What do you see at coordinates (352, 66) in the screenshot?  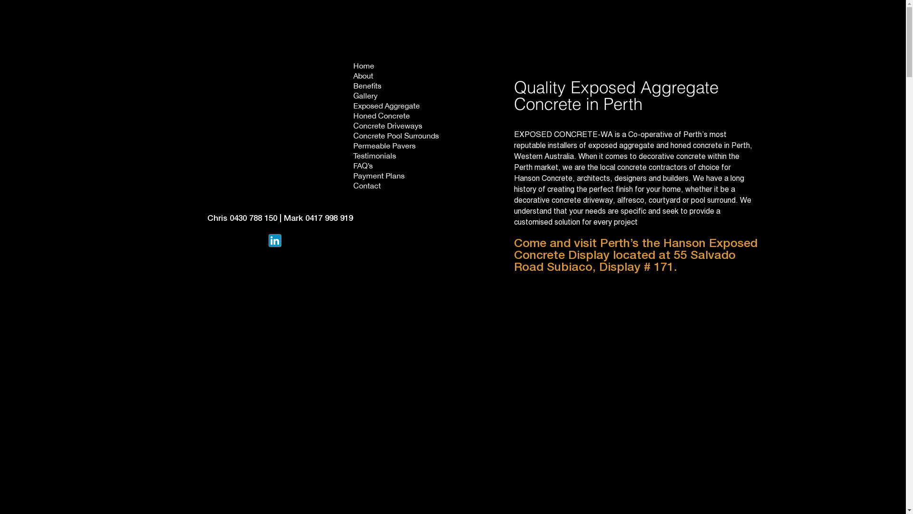 I see `'Home'` at bounding box center [352, 66].